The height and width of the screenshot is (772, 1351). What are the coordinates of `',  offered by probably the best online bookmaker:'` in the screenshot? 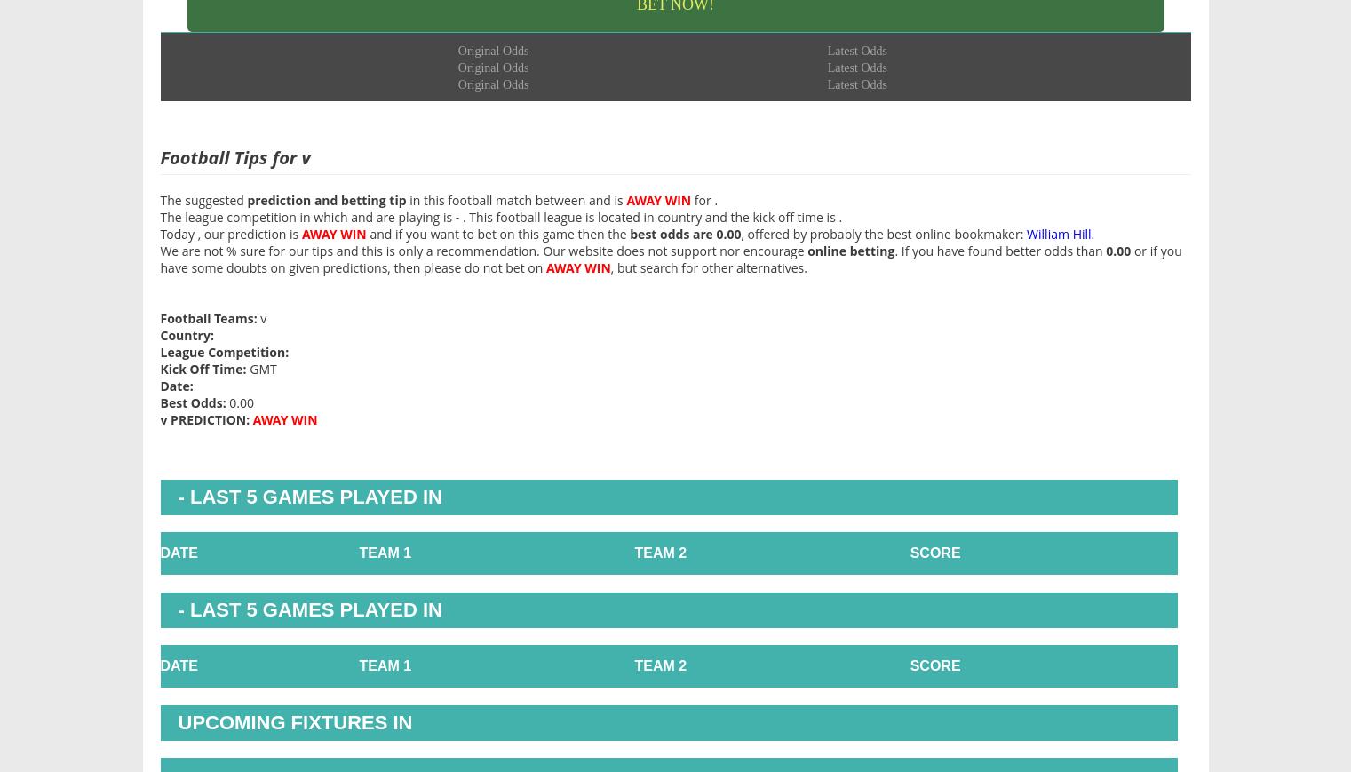 It's located at (884, 232).